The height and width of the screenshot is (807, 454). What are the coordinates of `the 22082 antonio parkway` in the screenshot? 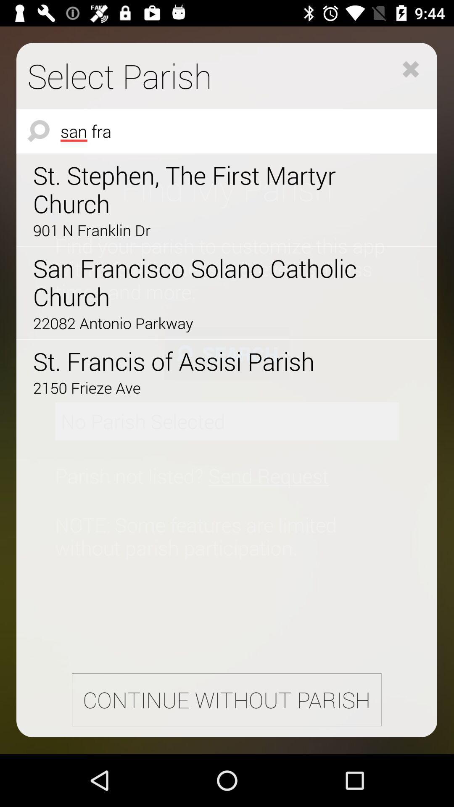 It's located at (203, 322).